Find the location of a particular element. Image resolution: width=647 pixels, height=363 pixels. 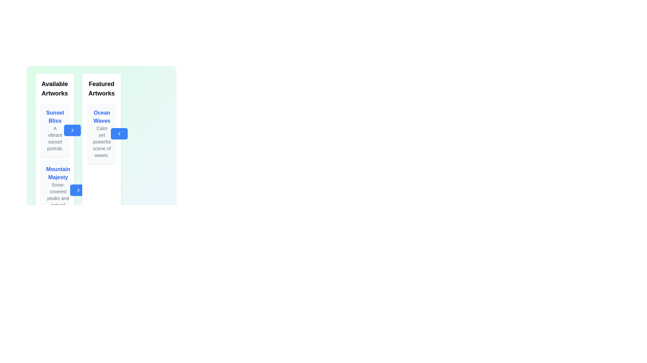

the details of the artwork titled Ocean Waves is located at coordinates (101, 133).